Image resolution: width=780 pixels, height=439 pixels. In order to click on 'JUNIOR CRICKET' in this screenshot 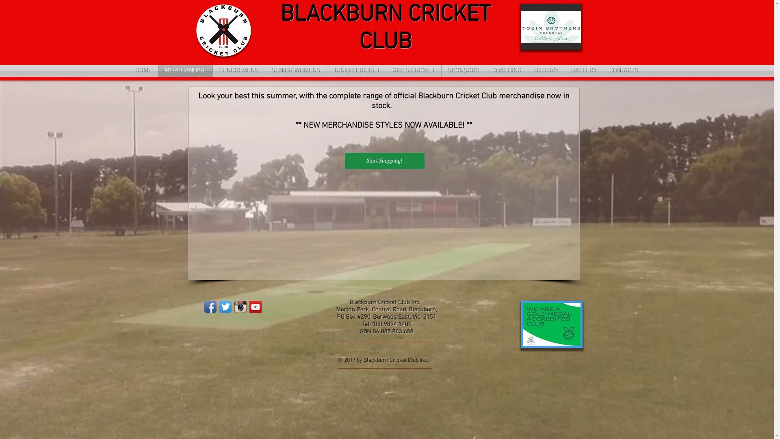, I will do `click(356, 70)`.